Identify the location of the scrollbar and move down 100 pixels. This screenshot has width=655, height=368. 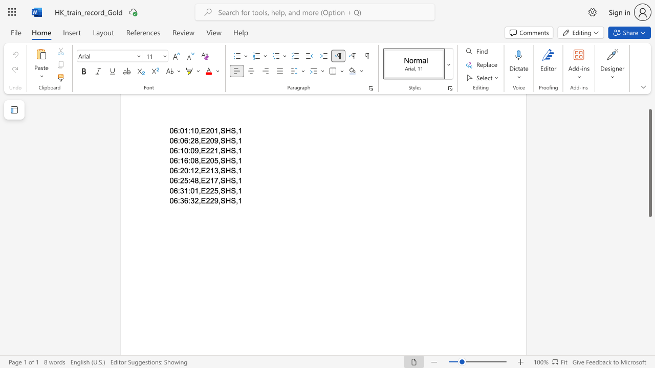
(649, 163).